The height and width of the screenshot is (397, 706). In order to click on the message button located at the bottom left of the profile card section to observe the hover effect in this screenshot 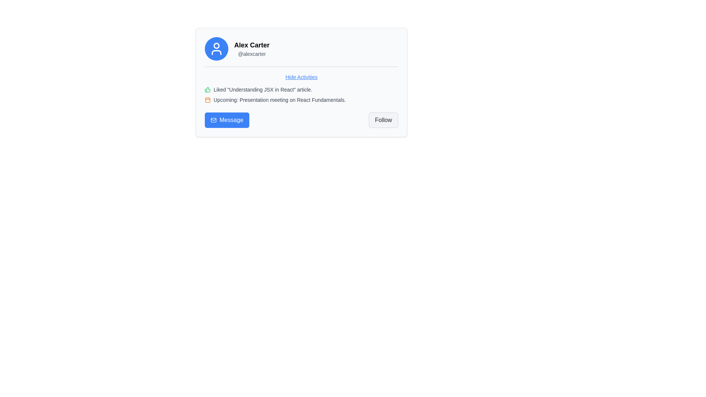, I will do `click(227, 120)`.